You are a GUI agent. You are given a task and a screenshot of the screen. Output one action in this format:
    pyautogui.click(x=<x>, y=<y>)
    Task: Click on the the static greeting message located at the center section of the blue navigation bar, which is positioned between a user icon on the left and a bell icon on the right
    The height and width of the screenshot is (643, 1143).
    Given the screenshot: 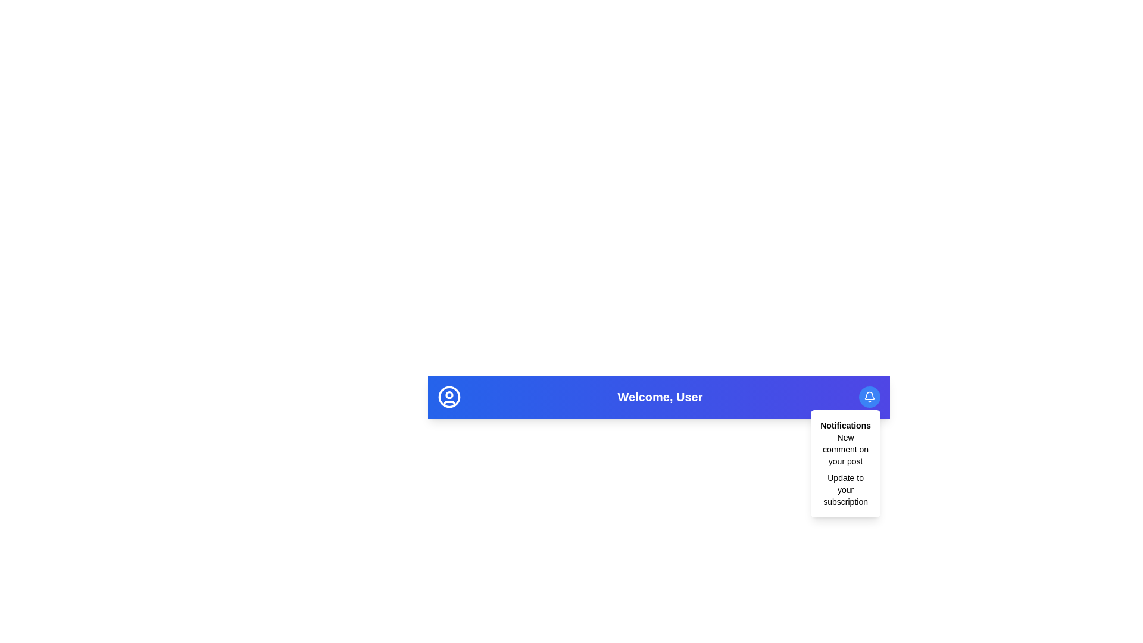 What is the action you would take?
    pyautogui.click(x=659, y=397)
    